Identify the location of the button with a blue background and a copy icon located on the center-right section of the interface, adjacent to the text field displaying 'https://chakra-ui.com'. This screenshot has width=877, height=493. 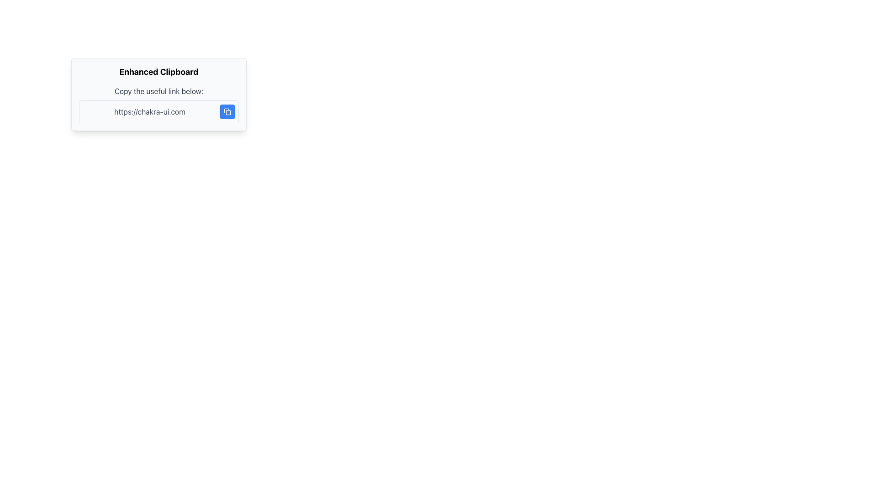
(227, 111).